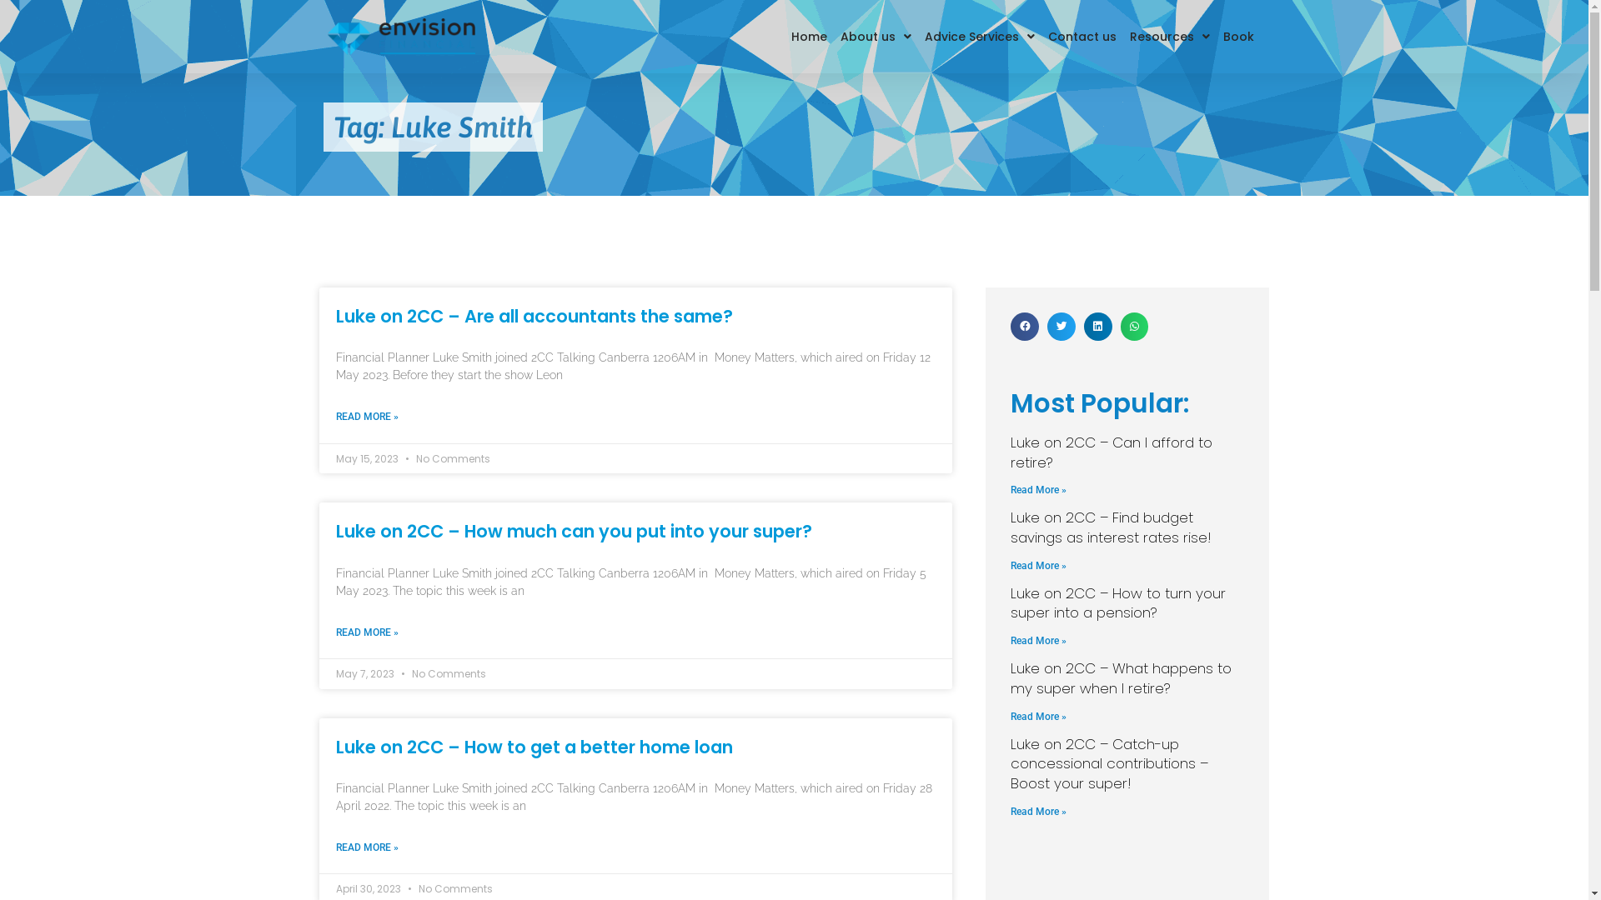  What do you see at coordinates (809, 36) in the screenshot?
I see `'Home'` at bounding box center [809, 36].